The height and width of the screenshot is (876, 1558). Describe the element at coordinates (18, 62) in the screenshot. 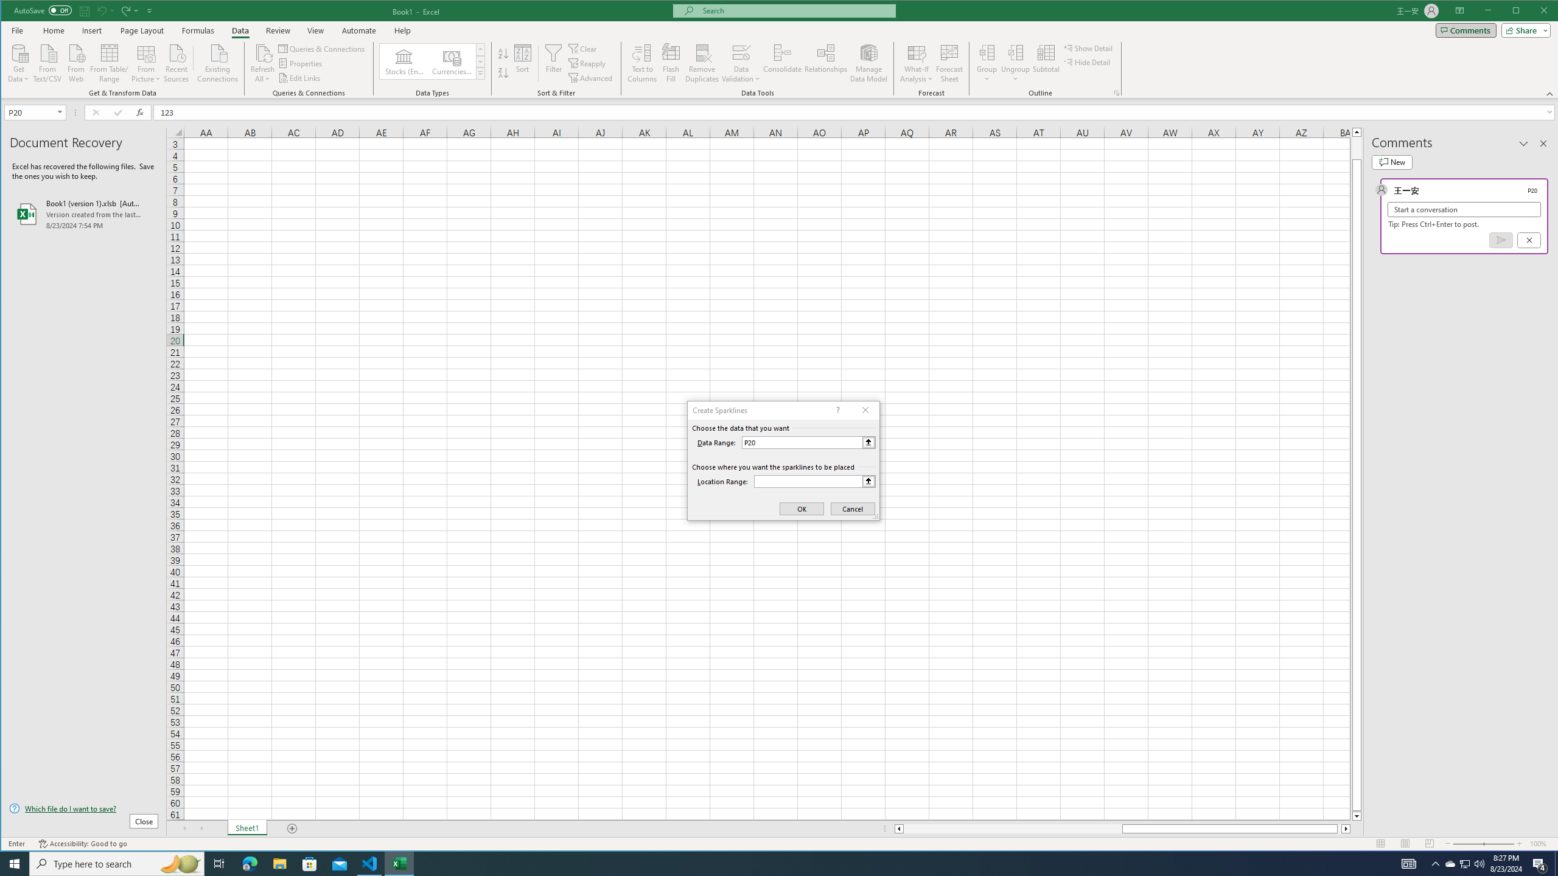

I see `'Get Data'` at that location.